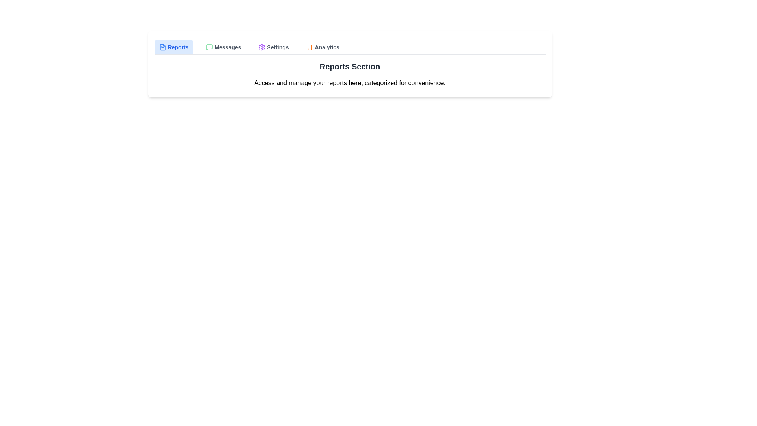 The image size is (757, 426). Describe the element at coordinates (162, 47) in the screenshot. I see `the icon representing the 'Reports' label in the navigation menu, located to the left of the label` at that location.